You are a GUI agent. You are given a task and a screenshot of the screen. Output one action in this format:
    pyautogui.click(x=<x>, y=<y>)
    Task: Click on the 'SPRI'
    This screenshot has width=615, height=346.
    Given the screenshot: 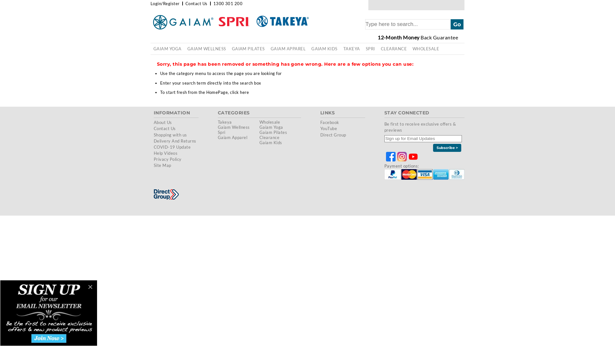 What is the action you would take?
    pyautogui.click(x=370, y=48)
    